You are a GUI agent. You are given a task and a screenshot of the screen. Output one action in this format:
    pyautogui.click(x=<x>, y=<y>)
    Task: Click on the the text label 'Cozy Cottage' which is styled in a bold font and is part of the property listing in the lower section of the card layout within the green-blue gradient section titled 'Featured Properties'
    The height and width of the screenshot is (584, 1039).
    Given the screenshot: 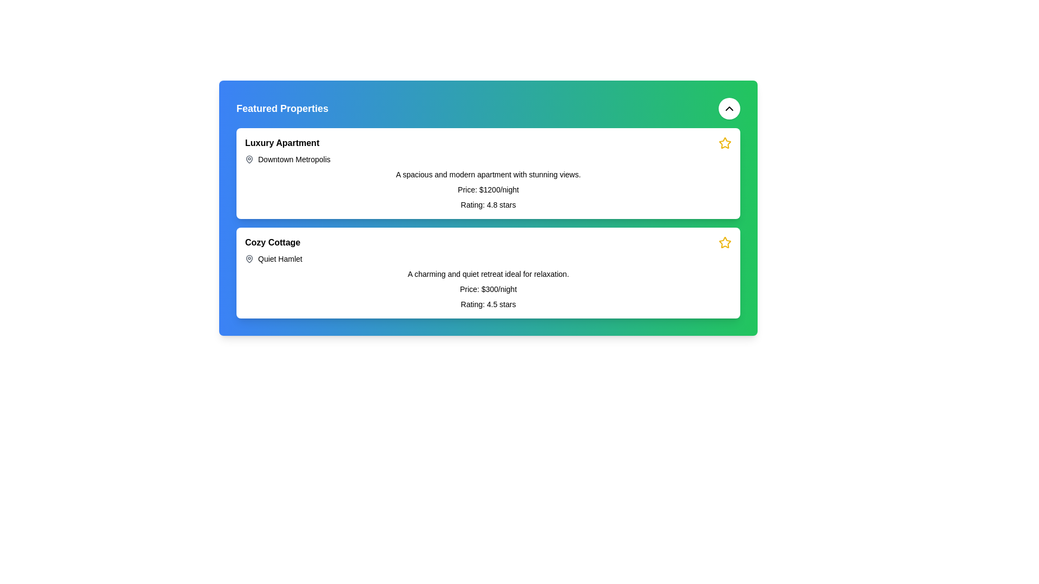 What is the action you would take?
    pyautogui.click(x=273, y=242)
    